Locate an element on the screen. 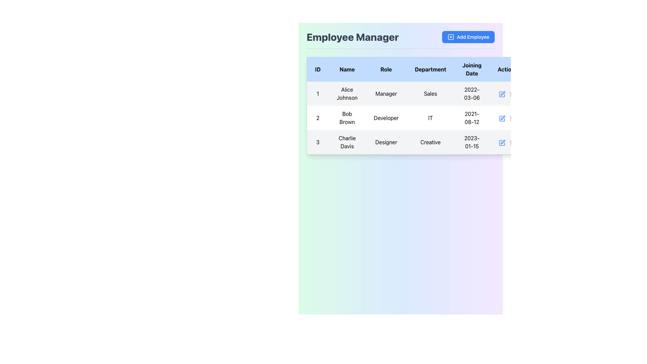 The image size is (647, 364). the 'Add Employee' text label, which is styled in white font on a blue background within the button located in the top-right corner of the interface is located at coordinates (472, 37).